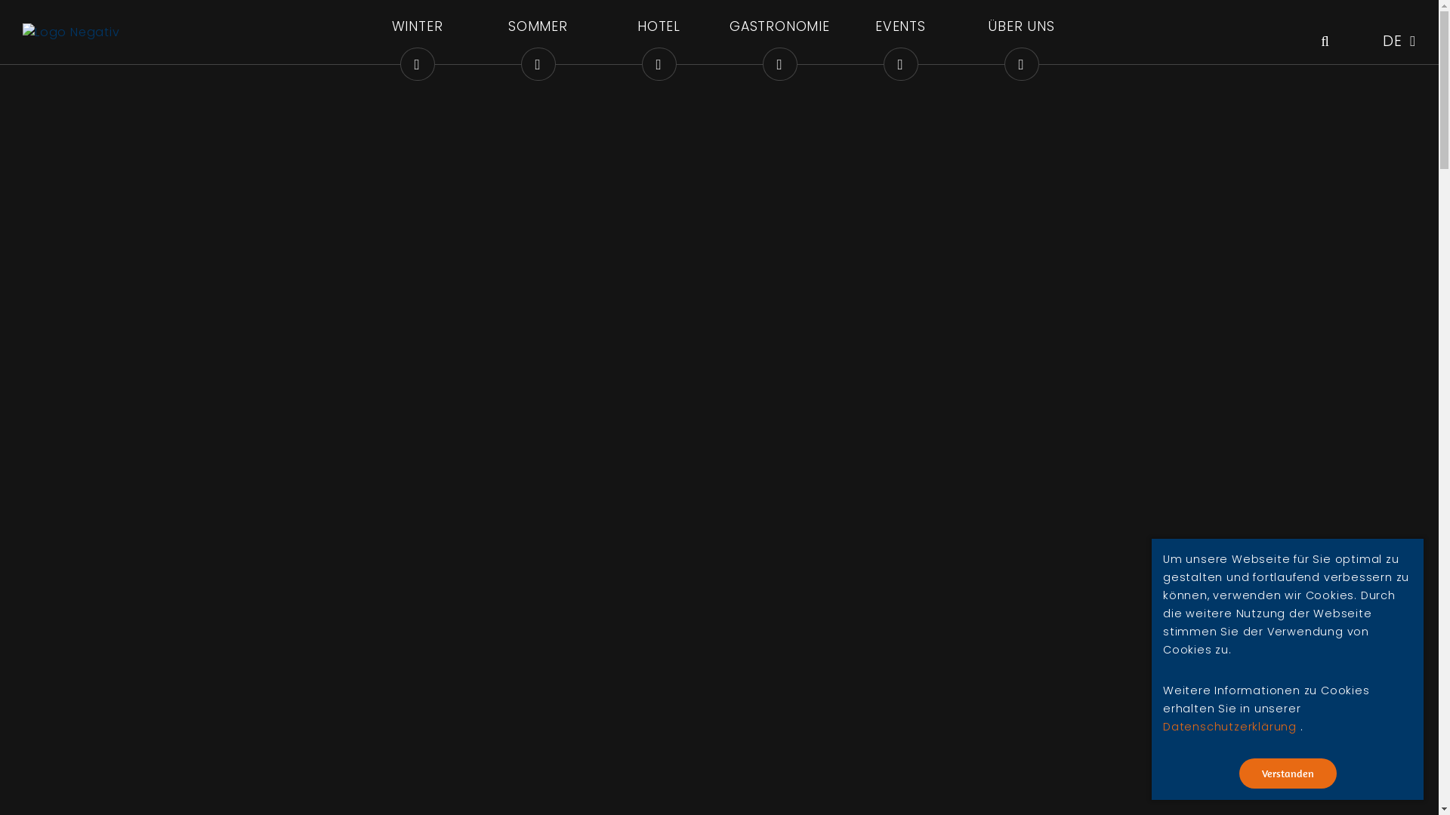 Image resolution: width=1450 pixels, height=815 pixels. I want to click on 'GASTRONOMIE', so click(726, 34).